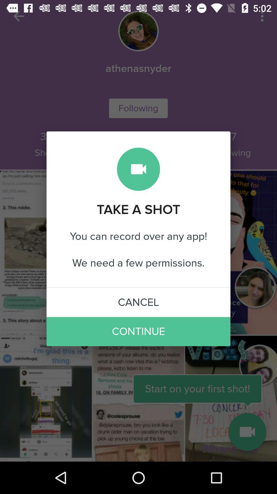 Image resolution: width=277 pixels, height=494 pixels. Describe the element at coordinates (138, 302) in the screenshot. I see `cancel` at that location.